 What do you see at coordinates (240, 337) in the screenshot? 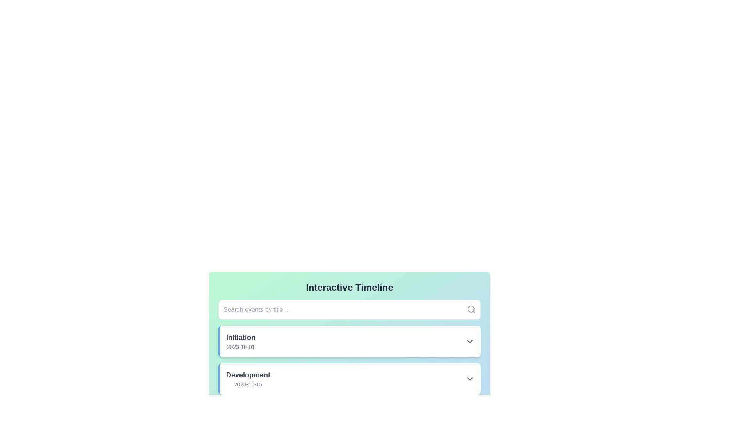
I see `the title label for the first event in the list, which serves as a description for the event` at bounding box center [240, 337].